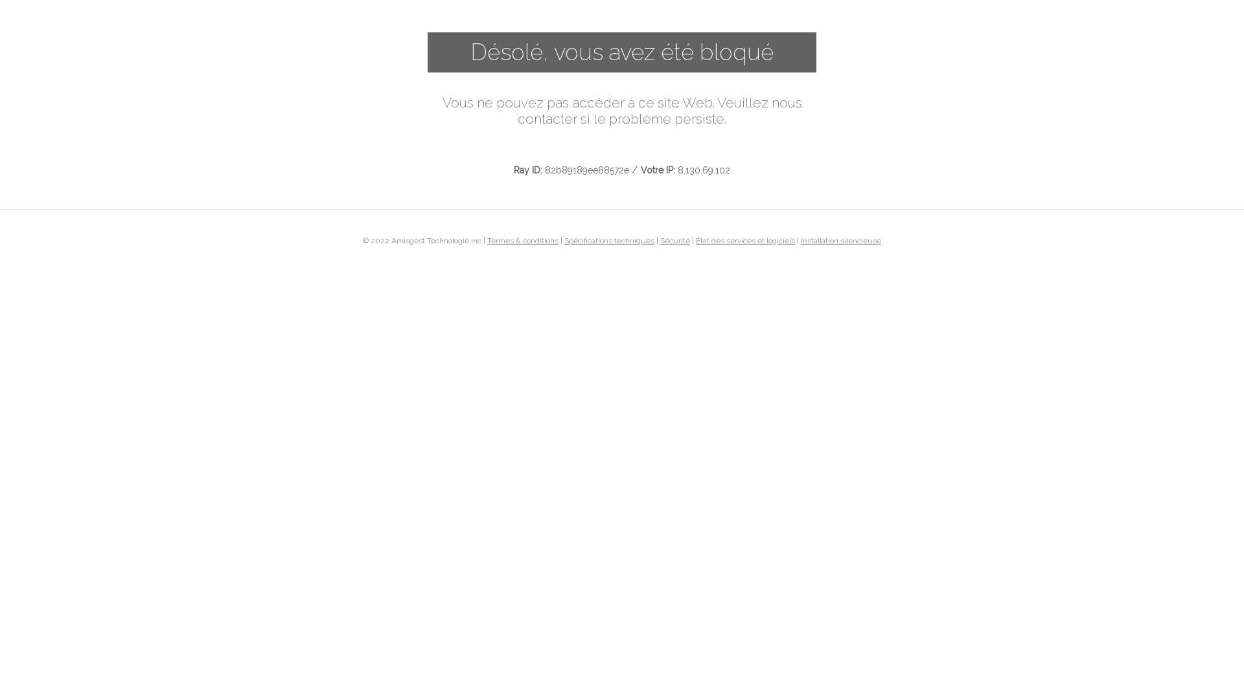 The image size is (1244, 699). Describe the element at coordinates (522, 239) in the screenshot. I see `'Termes & conditions'` at that location.